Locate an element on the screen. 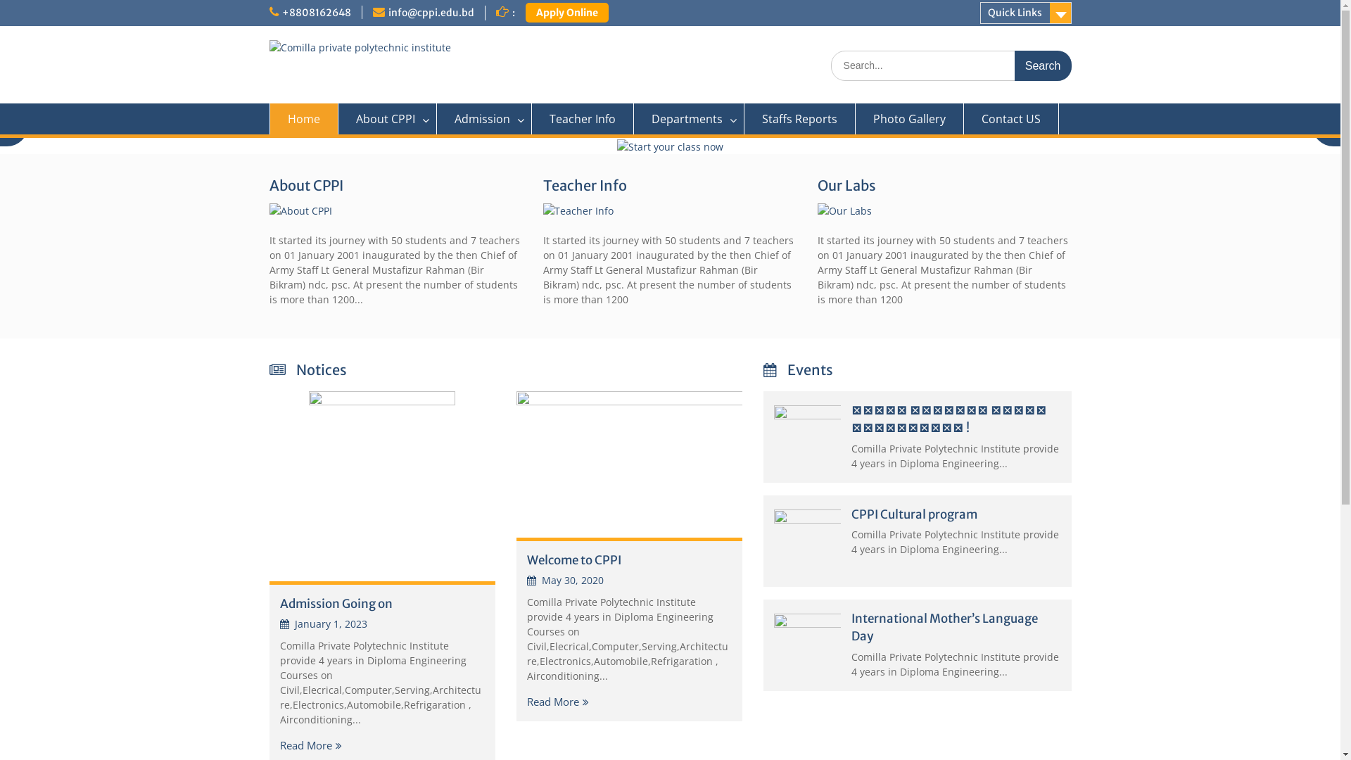  'info@cppi.edu.bd' is located at coordinates (388, 13).